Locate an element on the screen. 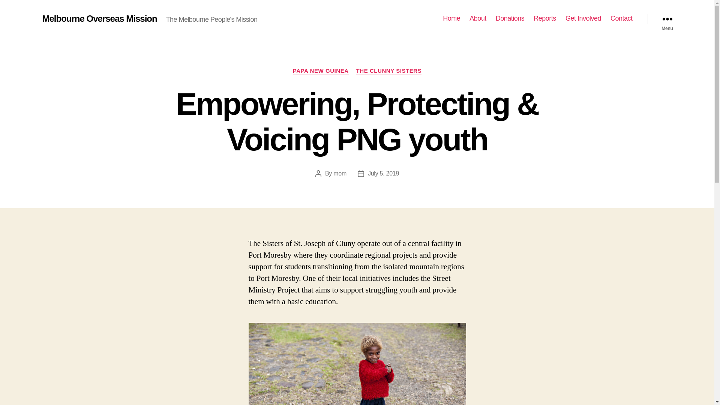  'Menu' is located at coordinates (667, 18).